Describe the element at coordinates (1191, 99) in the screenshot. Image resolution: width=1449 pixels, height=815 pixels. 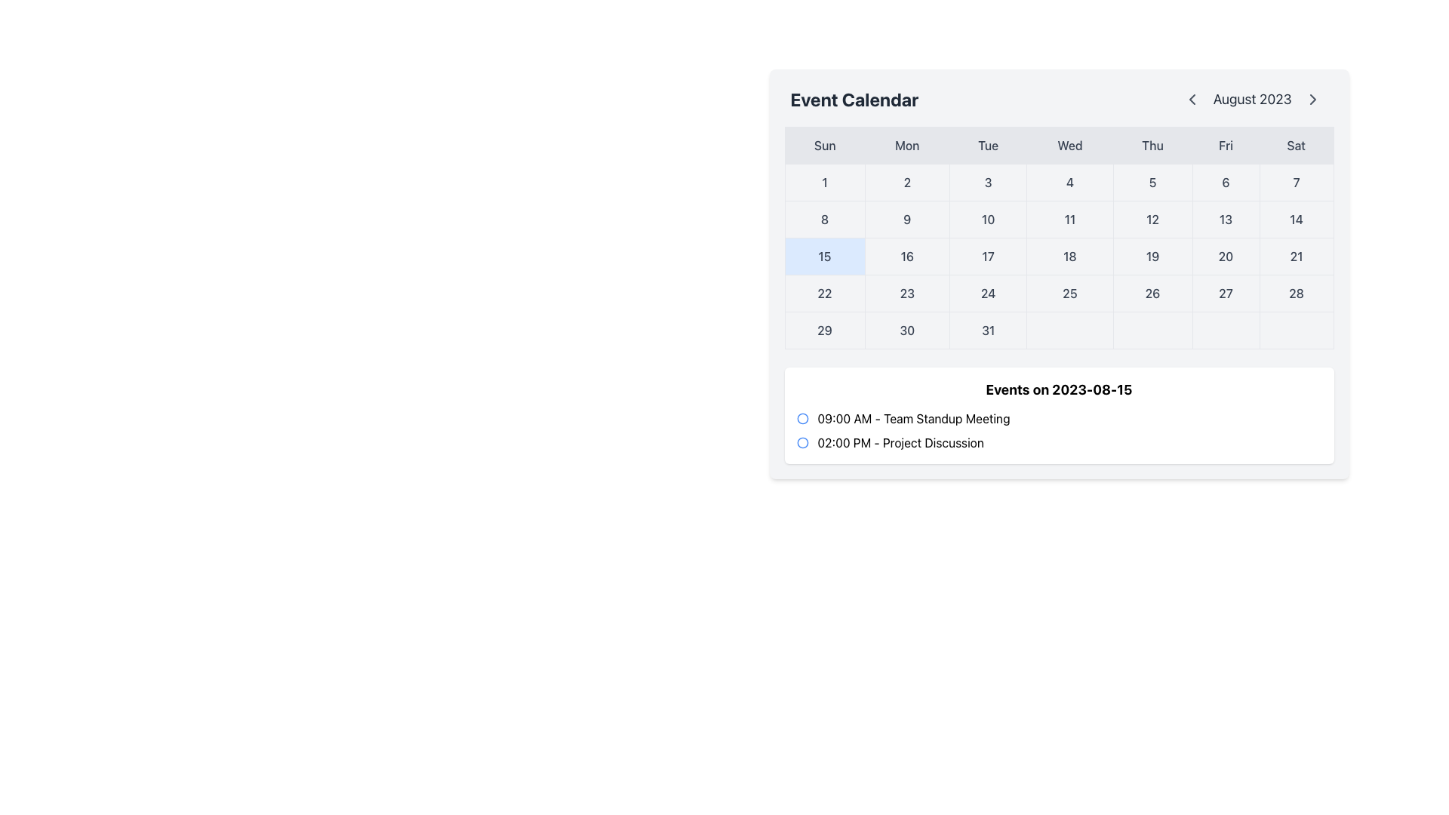
I see `the button located in the header area of the event calendar, to the left of the text displaying 'August 2023'` at that location.